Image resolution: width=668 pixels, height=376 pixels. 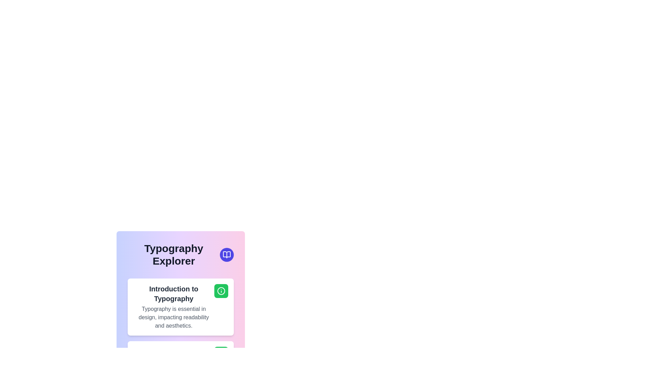 I want to click on the interactive reading icon located in the top-right corner of the 'Typography Explorer' component, so click(x=227, y=255).